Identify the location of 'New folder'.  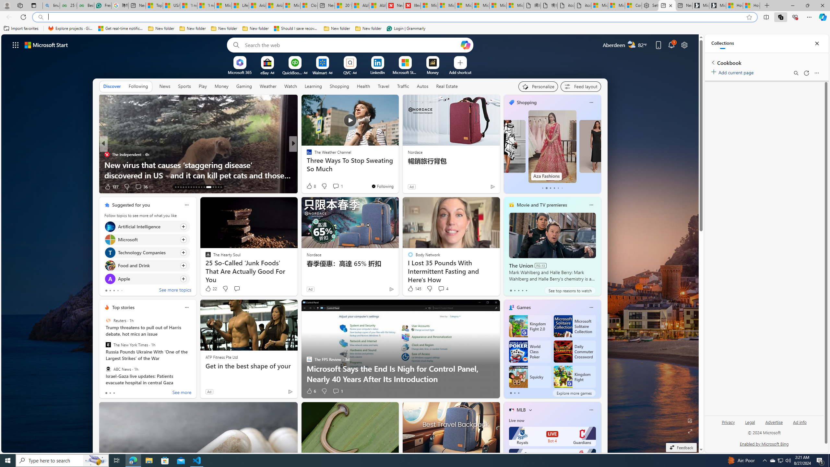
(368, 28).